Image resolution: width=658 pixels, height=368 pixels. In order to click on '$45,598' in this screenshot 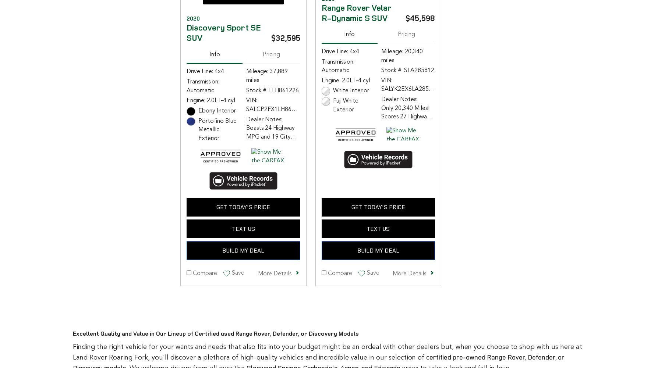, I will do `click(420, 17)`.